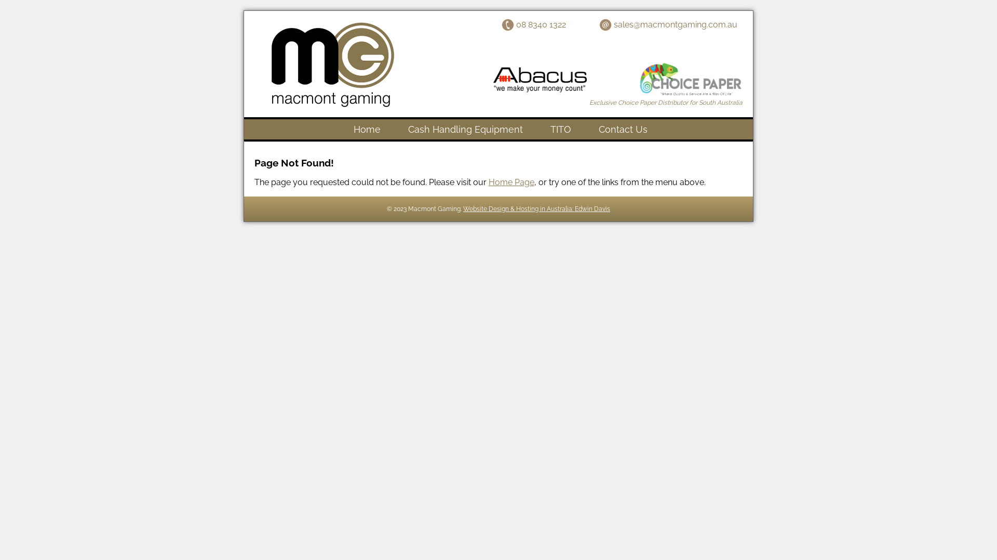 The width and height of the screenshot is (997, 560). Describe the element at coordinates (666, 102) in the screenshot. I see `'Exclusive Choice Paper Distributor for South Australia'` at that location.